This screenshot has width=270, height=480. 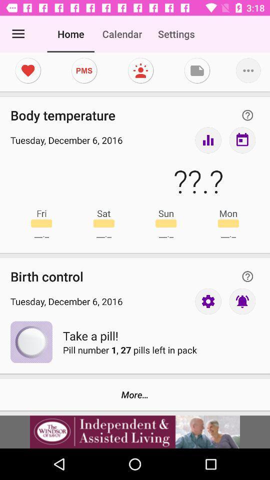 I want to click on the file, so click(x=197, y=70).